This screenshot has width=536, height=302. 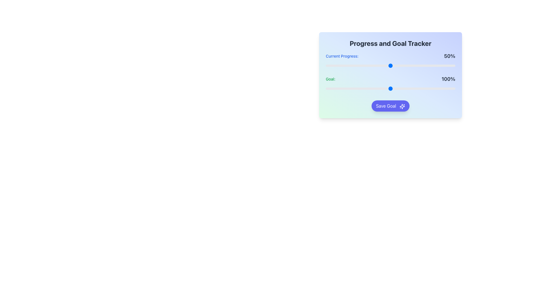 I want to click on the small sparkle icon located to the right of the 'Save Goal' button, which is designed in a minimalistic style and has a size of 24x24 pixels, so click(x=402, y=106).